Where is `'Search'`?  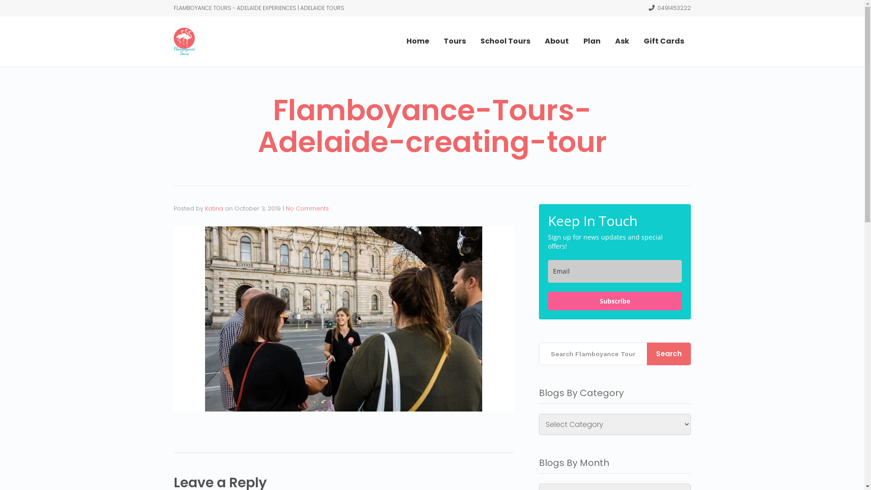 'Search' is located at coordinates (669, 353).